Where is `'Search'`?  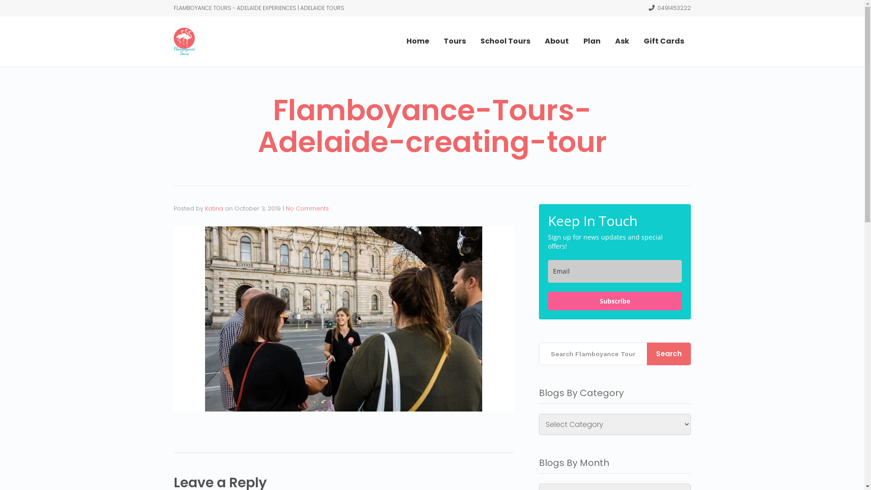 'Search' is located at coordinates (669, 353).